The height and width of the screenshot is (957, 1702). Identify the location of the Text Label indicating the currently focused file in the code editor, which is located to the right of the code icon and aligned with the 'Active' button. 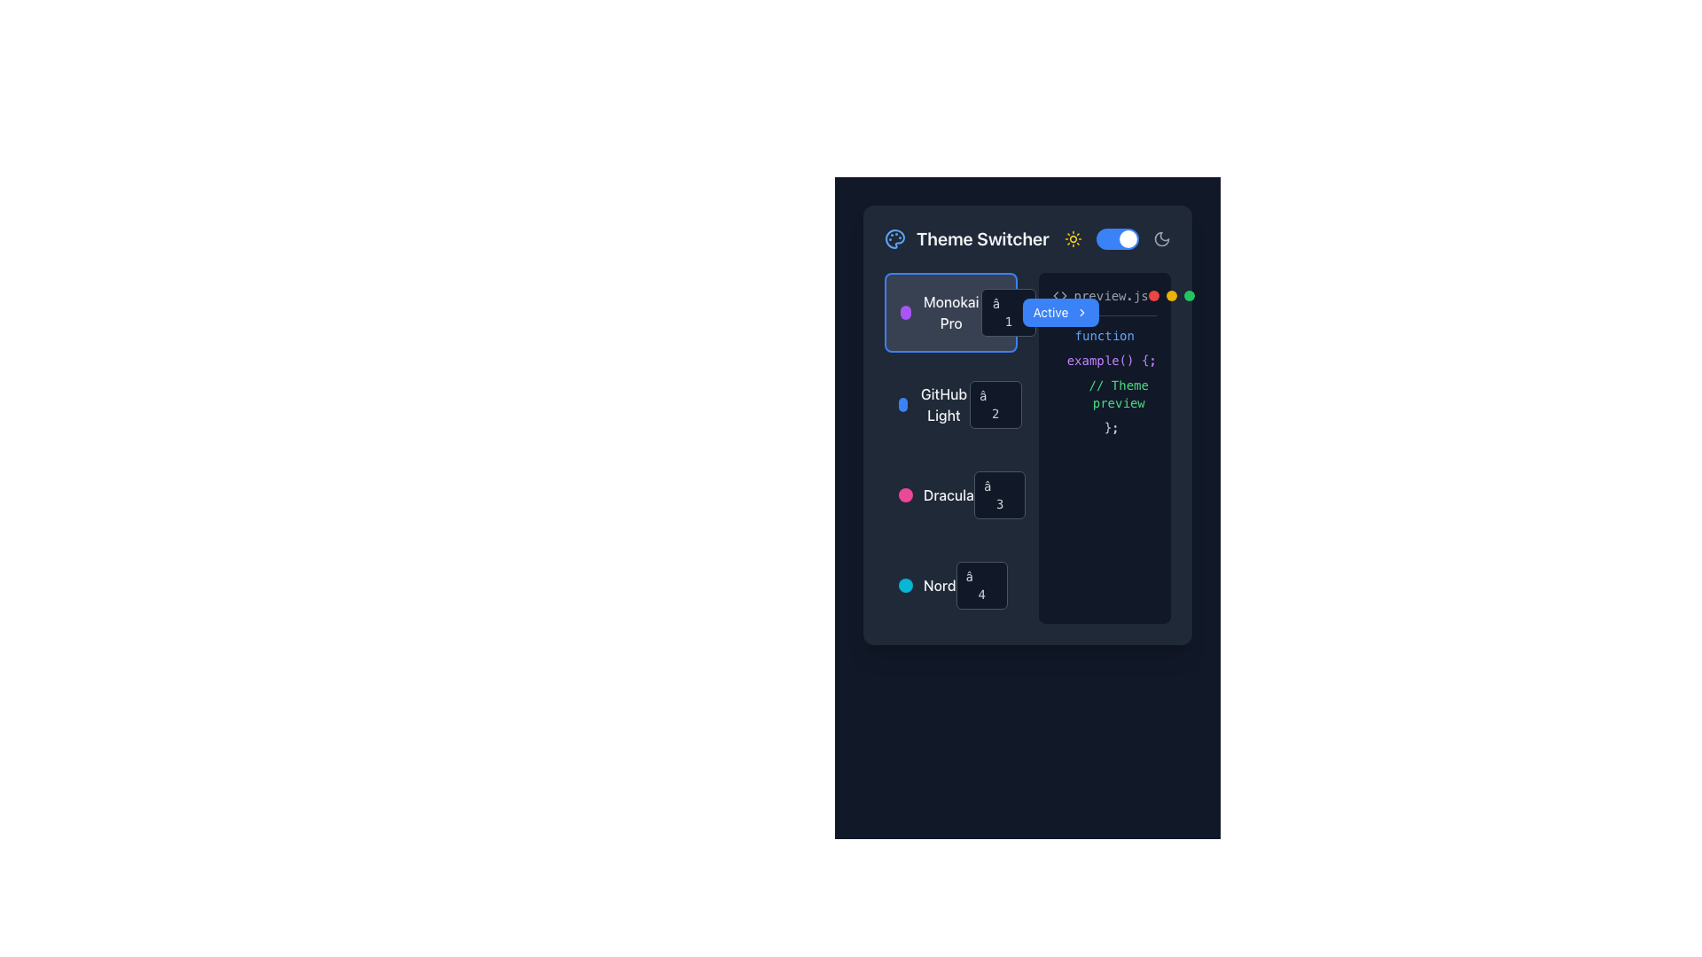
(1110, 295).